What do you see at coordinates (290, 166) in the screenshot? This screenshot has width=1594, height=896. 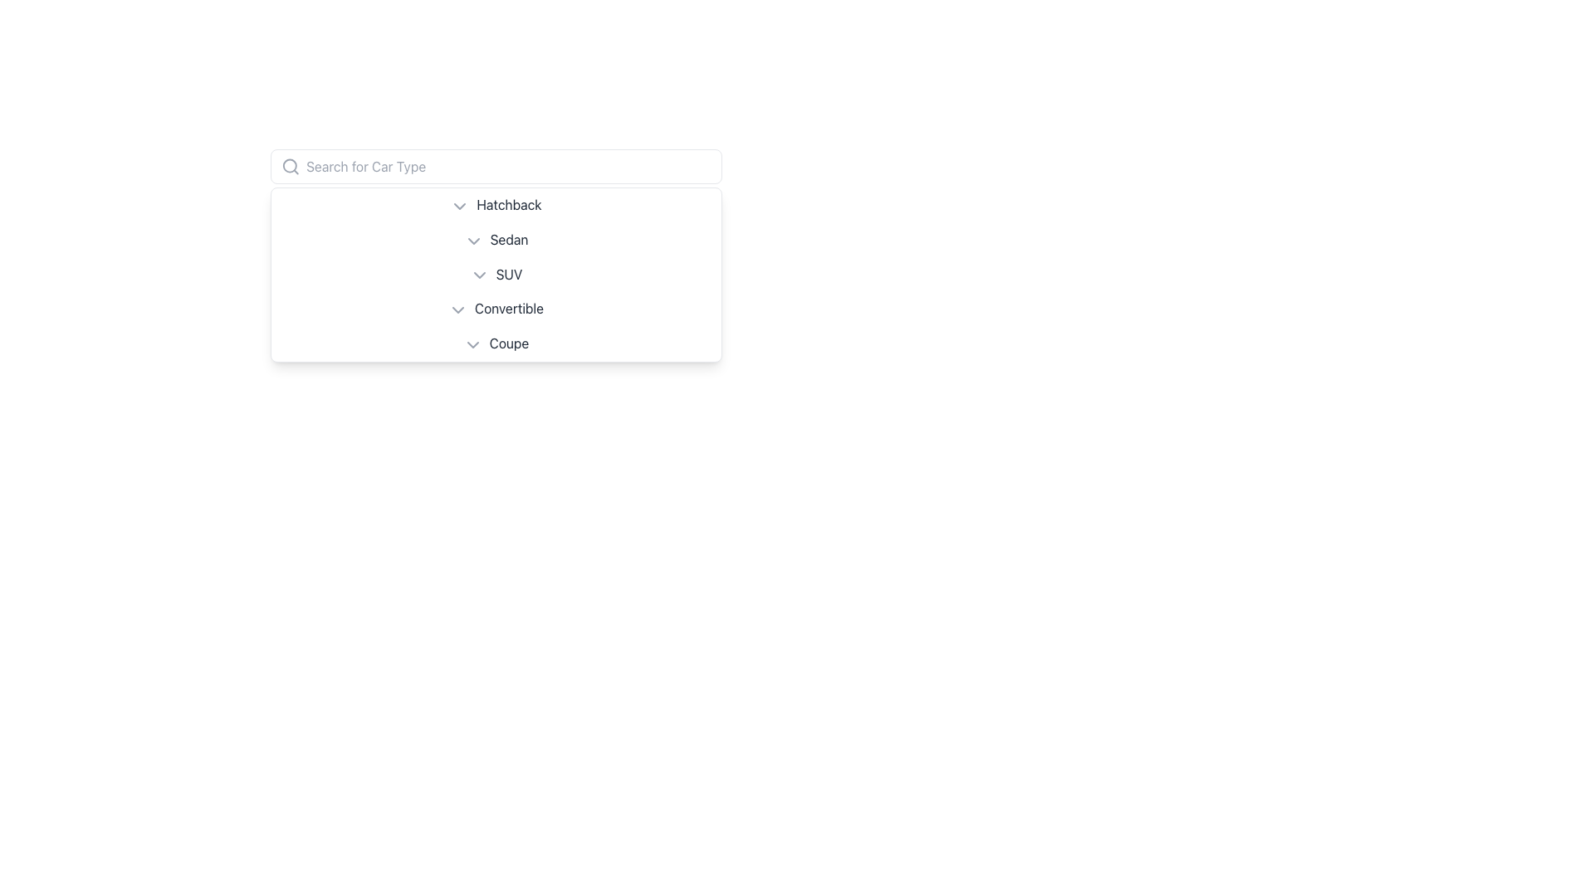 I see `the search icon located at the leftmost part of the search bar, which precedes the text input field labeled 'Search for Car Type'` at bounding box center [290, 166].